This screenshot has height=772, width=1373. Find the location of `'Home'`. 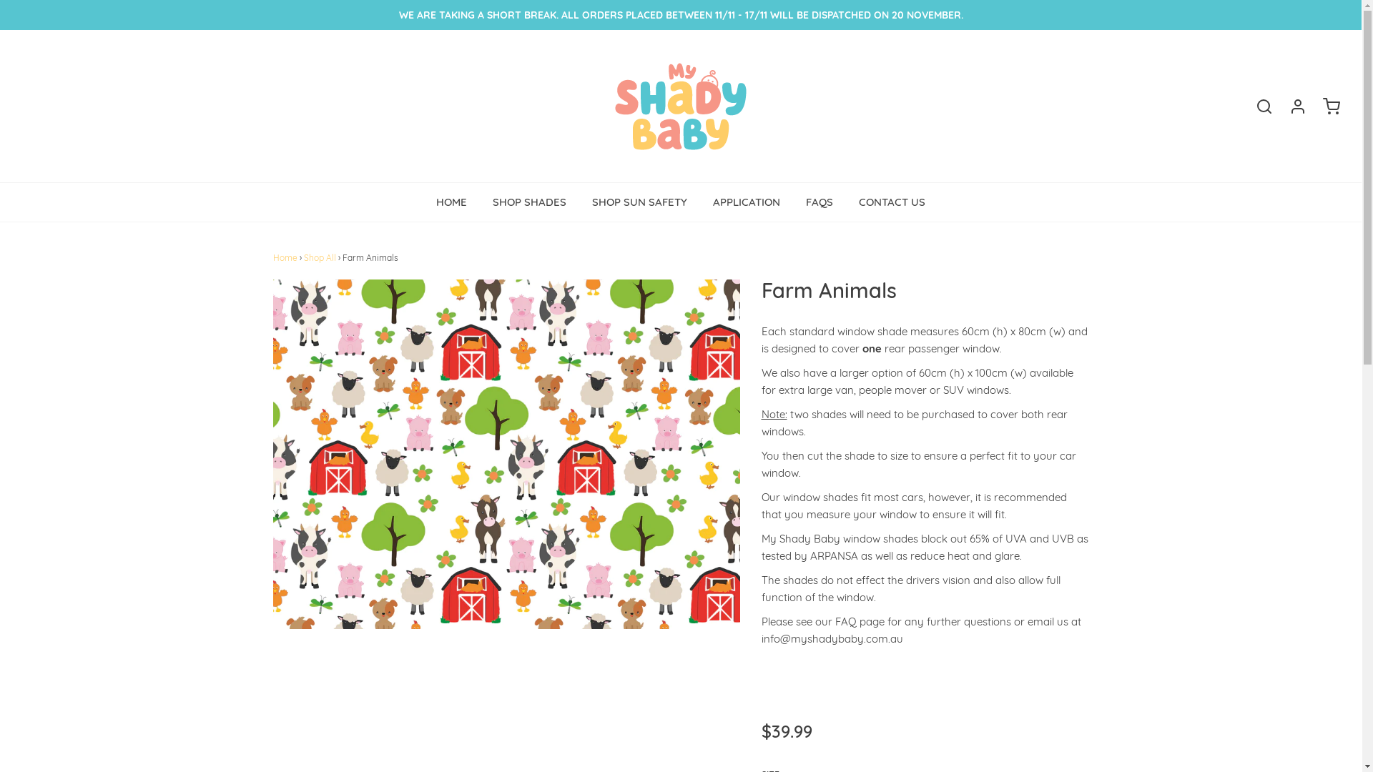

'Home' is located at coordinates (285, 257).